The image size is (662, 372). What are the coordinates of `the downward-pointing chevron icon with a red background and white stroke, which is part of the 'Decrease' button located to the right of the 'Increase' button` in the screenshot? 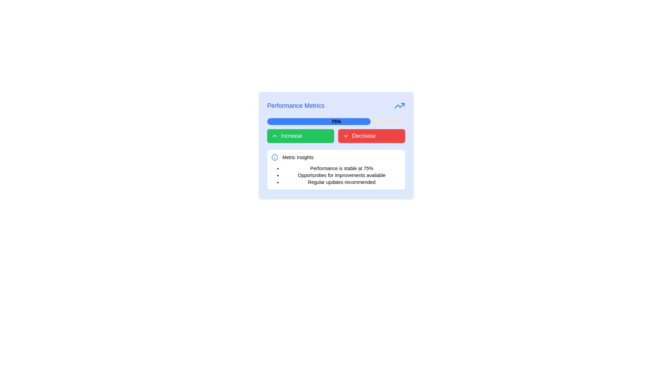 It's located at (346, 136).